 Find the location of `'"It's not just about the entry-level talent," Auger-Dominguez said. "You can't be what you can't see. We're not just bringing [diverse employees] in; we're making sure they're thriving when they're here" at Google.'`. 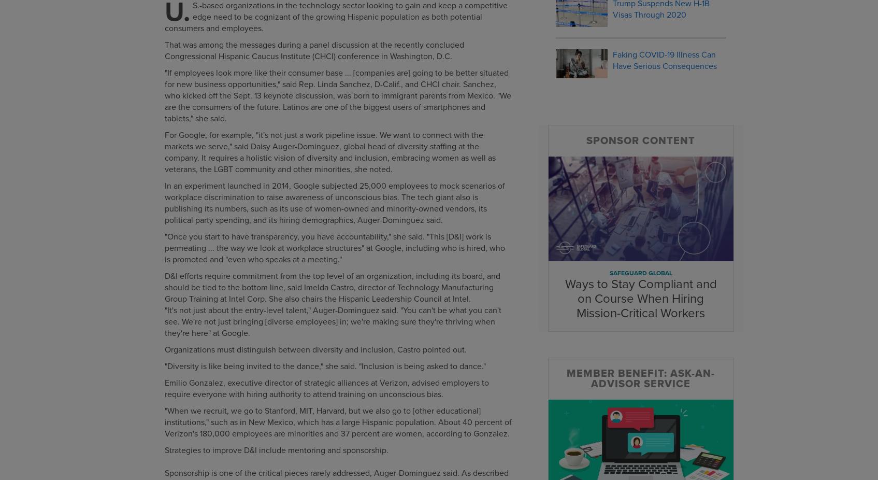

'"It's not just about the entry-level talent," Auger-Dominguez said. "You can't be what you can't see. We're not just bringing [diverse employees] in; we're making sure they're thriving when they're here" at Google.' is located at coordinates (332, 321).